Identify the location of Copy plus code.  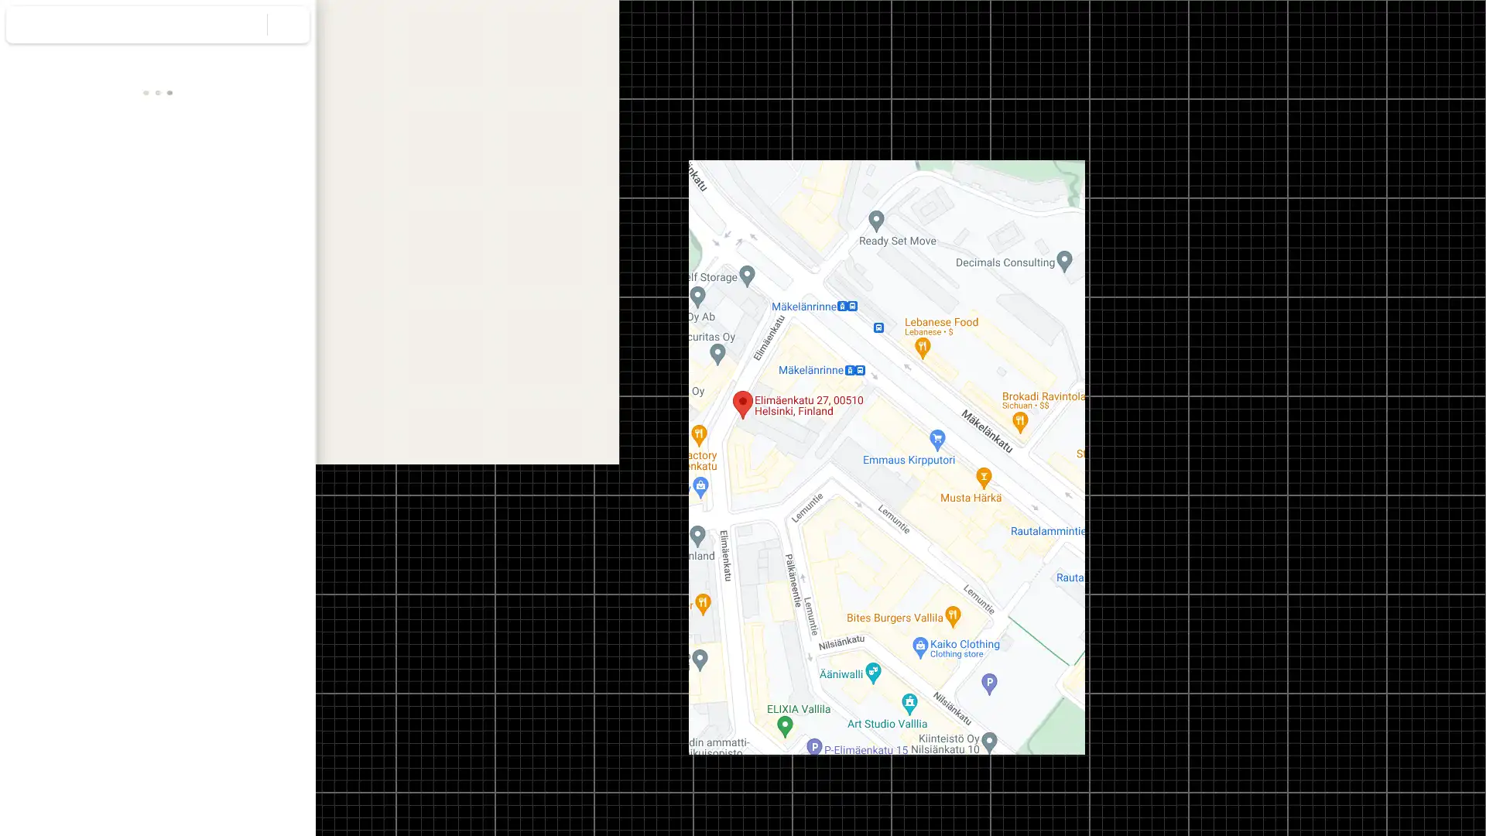
(255, 370).